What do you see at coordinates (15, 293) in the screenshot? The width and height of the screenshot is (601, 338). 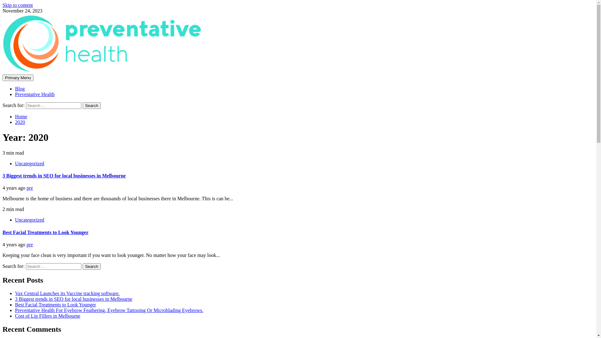 I see `'Vax Central Launches its Vaccine tracking software.'` at bounding box center [15, 293].